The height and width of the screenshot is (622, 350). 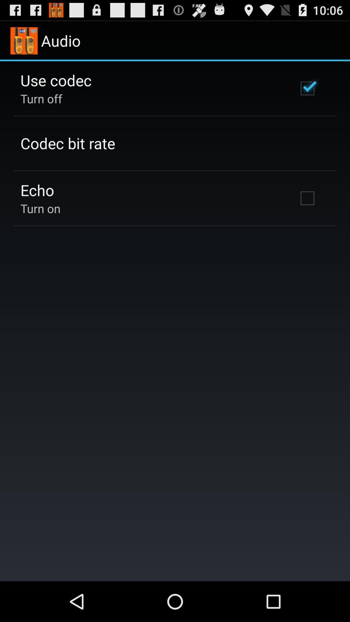 What do you see at coordinates (41, 98) in the screenshot?
I see `turn off app` at bounding box center [41, 98].